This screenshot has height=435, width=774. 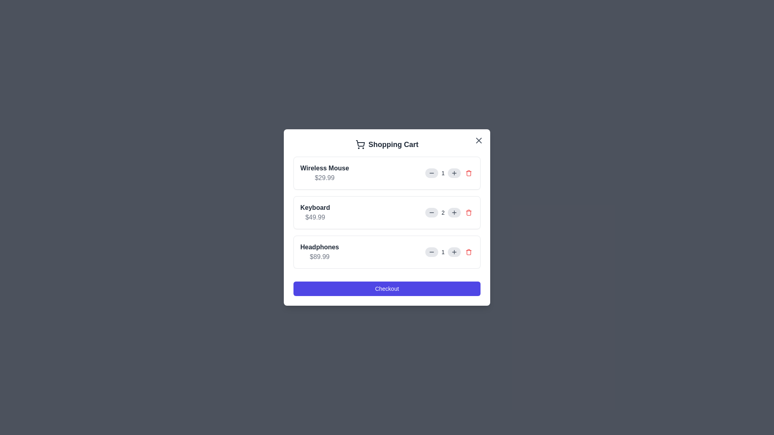 I want to click on the trash icon located at the far right of the quantity adjustment buttons in the first item's row of the shopping cart, so click(x=468, y=172).